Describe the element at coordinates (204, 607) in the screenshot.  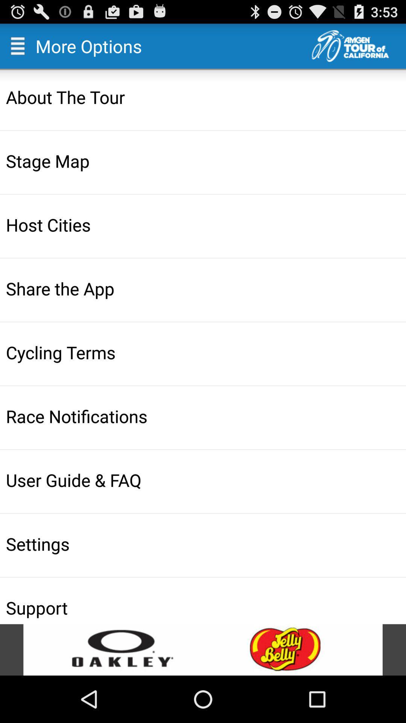
I see `support icon` at that location.